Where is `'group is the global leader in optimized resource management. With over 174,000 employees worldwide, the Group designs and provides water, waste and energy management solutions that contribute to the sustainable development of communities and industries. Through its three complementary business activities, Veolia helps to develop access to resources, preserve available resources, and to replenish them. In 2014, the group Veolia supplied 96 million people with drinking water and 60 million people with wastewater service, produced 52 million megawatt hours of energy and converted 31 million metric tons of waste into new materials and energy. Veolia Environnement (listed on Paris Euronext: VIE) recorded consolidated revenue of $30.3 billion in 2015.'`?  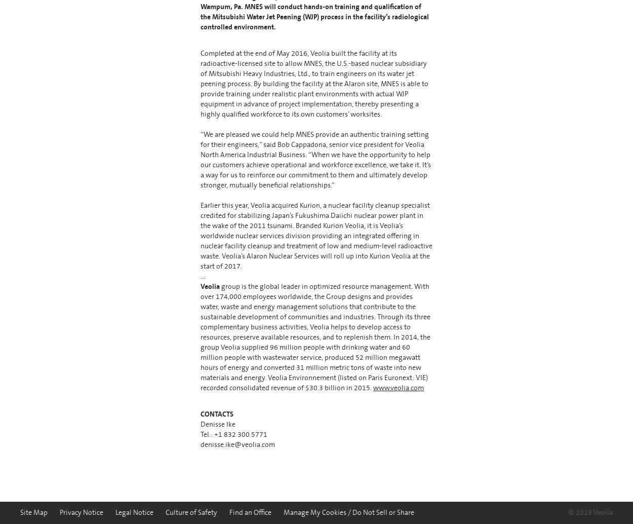 'group is the global leader in optimized resource management. With over 174,000 employees worldwide, the Group designs and provides water, waste and energy management solutions that contribute to the sustainable development of communities and industries. Through its three complementary business activities, Veolia helps to develop access to resources, preserve available resources, and to replenish them. In 2014, the group Veolia supplied 96 million people with drinking water and 60 million people with wastewater service, produced 52 million megawatt hours of energy and converted 31 million metric tons of waste into new materials and energy. Veolia Environnement (listed on Paris Euronext: VIE) recorded consolidated revenue of $30.3 billion in 2015.' is located at coordinates (315, 337).